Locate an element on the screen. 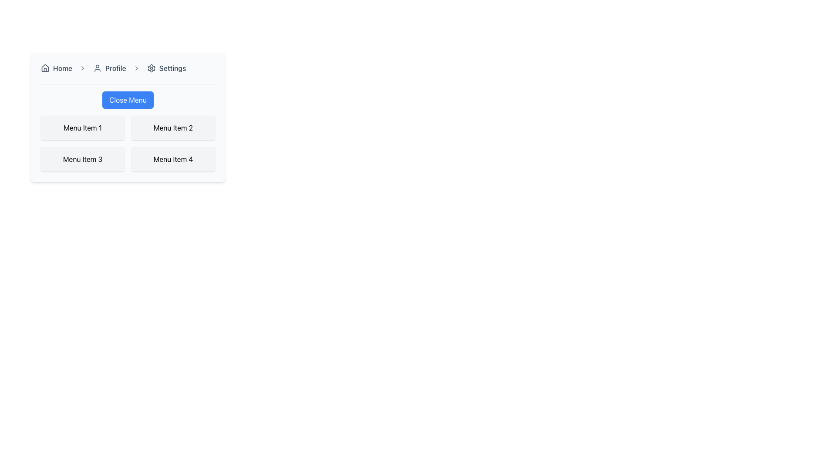 The image size is (836, 470). the second separator icon in the breadcrumb navigation bar, which visually indicates progression between 'Home' and 'Profile' is located at coordinates (83, 68).